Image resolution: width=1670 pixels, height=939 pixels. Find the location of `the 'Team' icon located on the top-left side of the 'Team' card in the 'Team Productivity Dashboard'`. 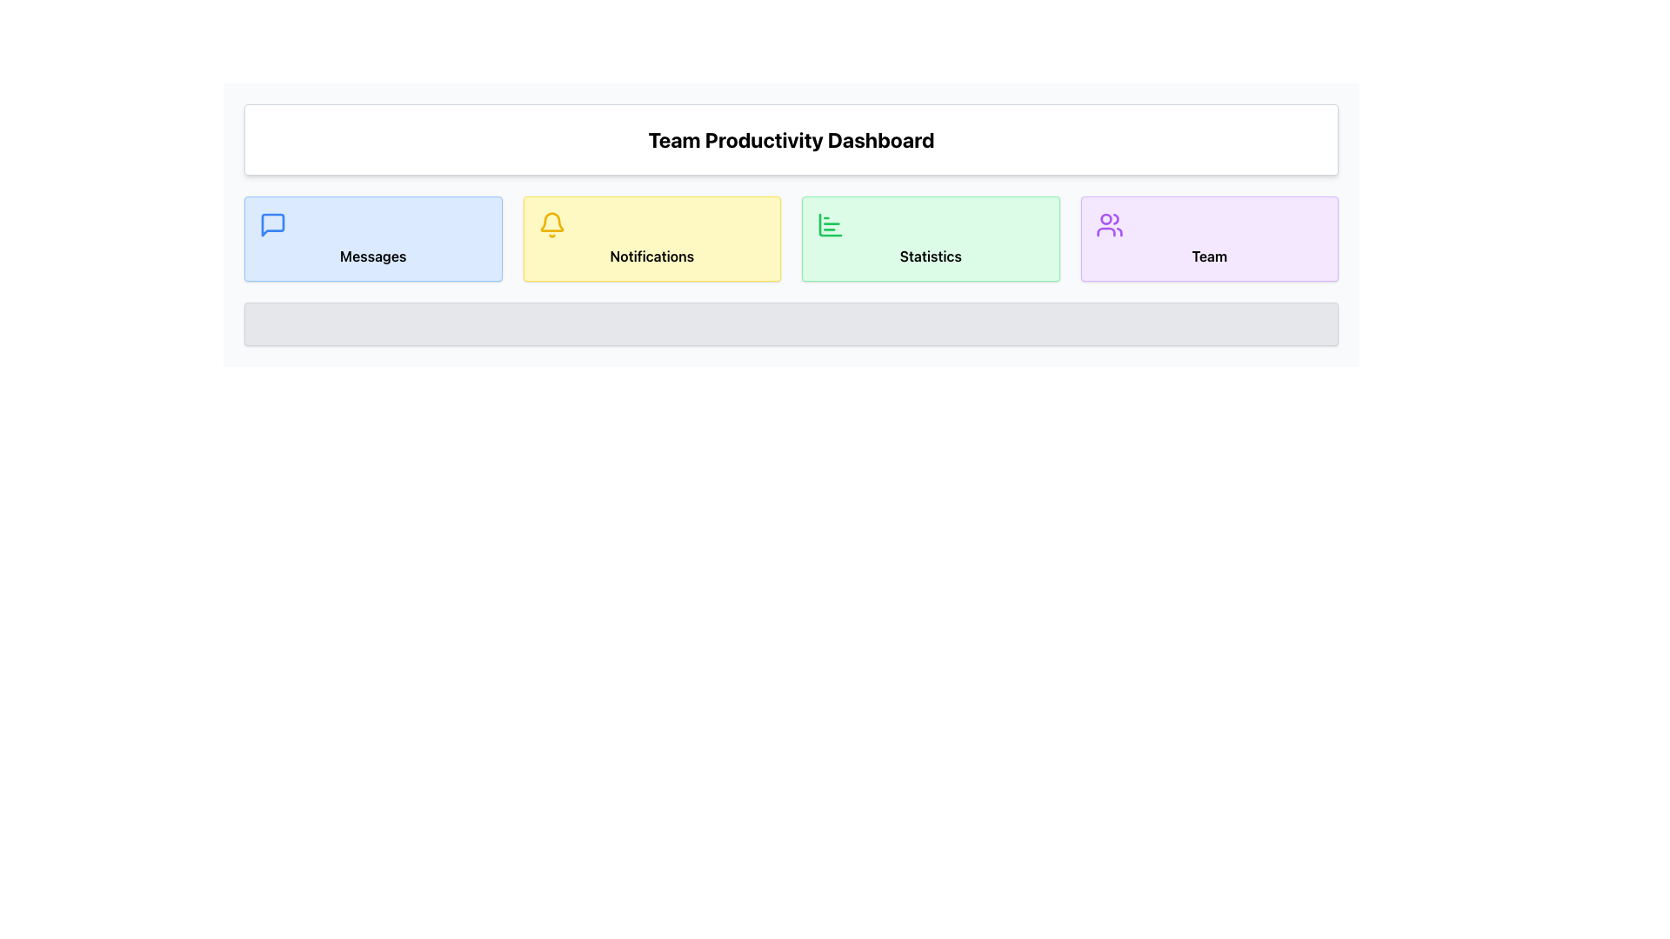

the 'Team' icon located on the top-left side of the 'Team' card in the 'Team Productivity Dashboard' is located at coordinates (1108, 223).